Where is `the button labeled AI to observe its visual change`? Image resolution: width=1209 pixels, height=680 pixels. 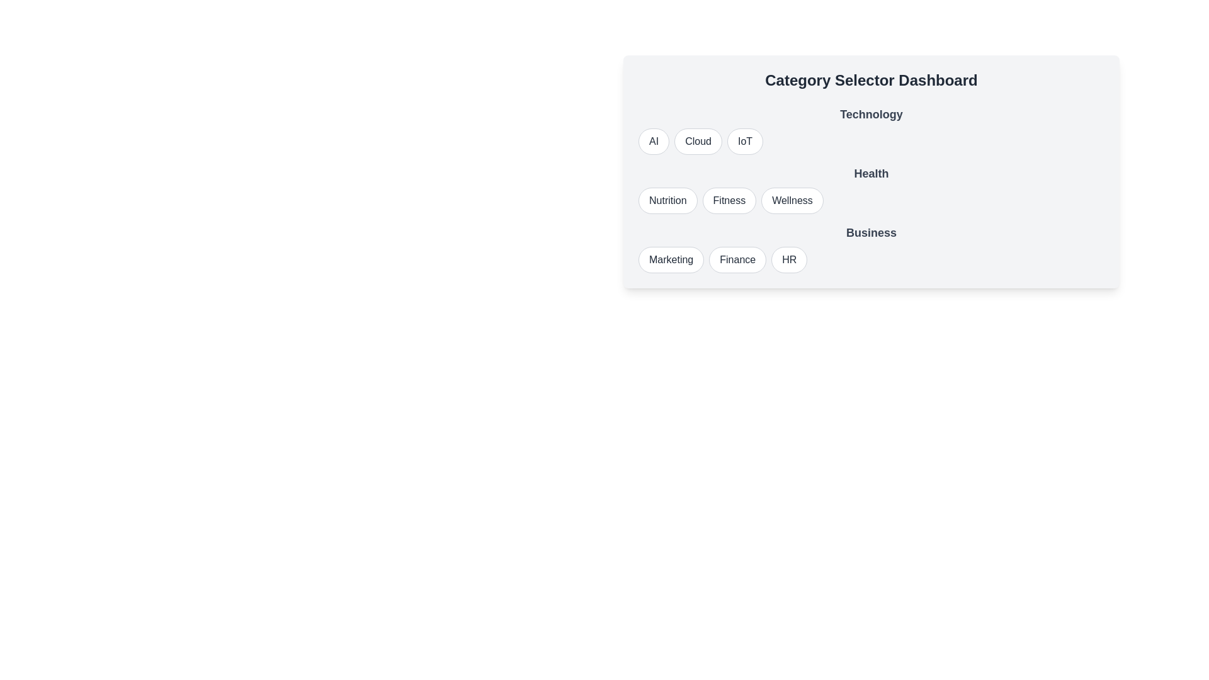 the button labeled AI to observe its visual change is located at coordinates (653, 141).